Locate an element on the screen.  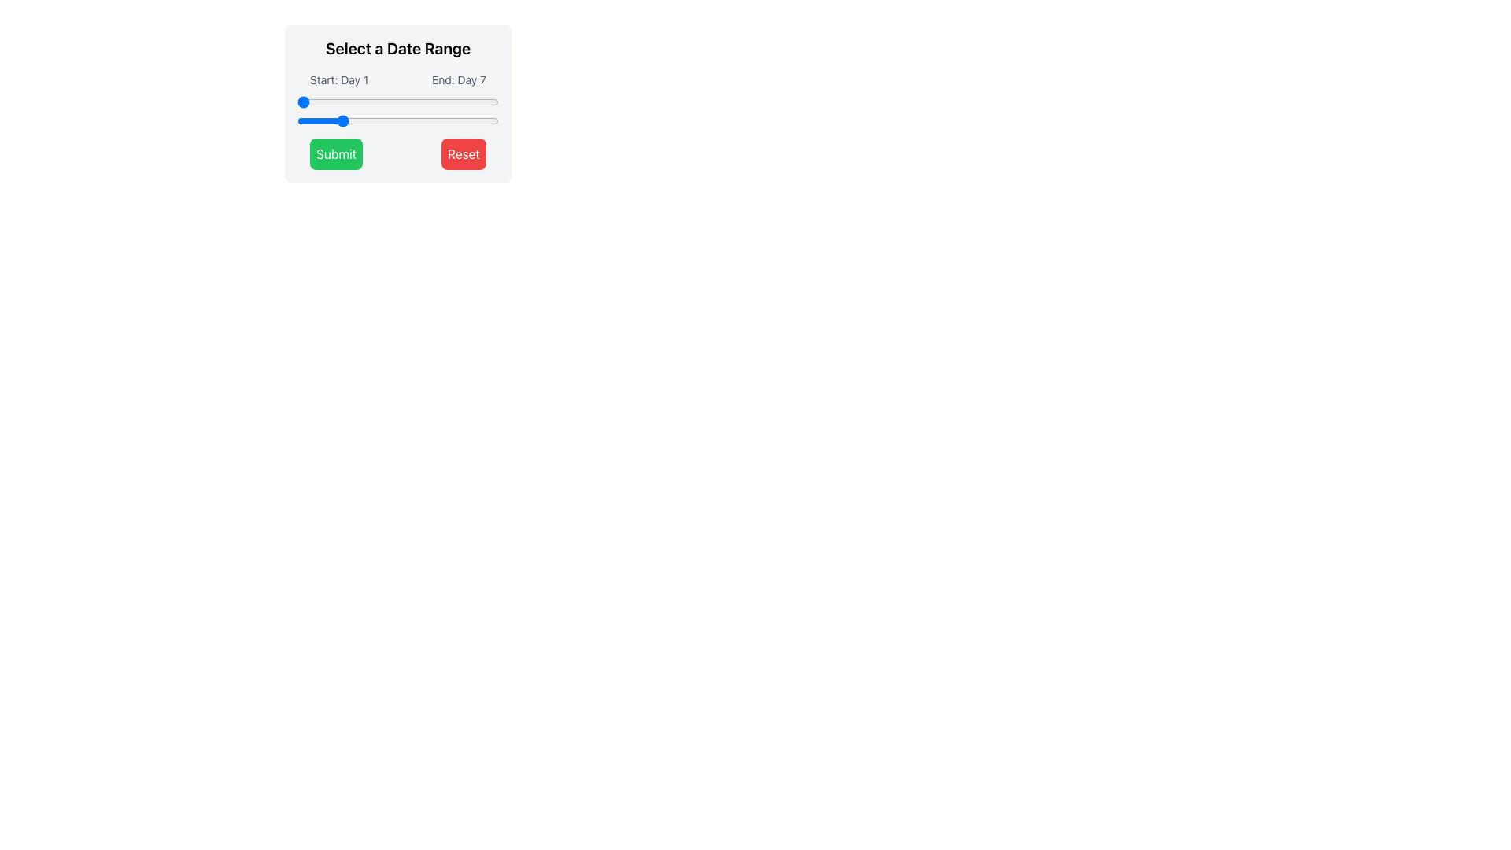
the slider is located at coordinates (436, 120).